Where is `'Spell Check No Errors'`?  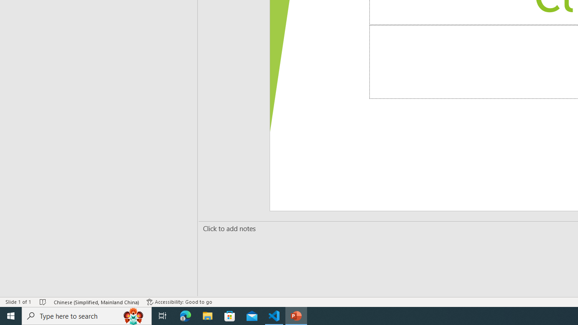
'Spell Check No Errors' is located at coordinates (43, 302).